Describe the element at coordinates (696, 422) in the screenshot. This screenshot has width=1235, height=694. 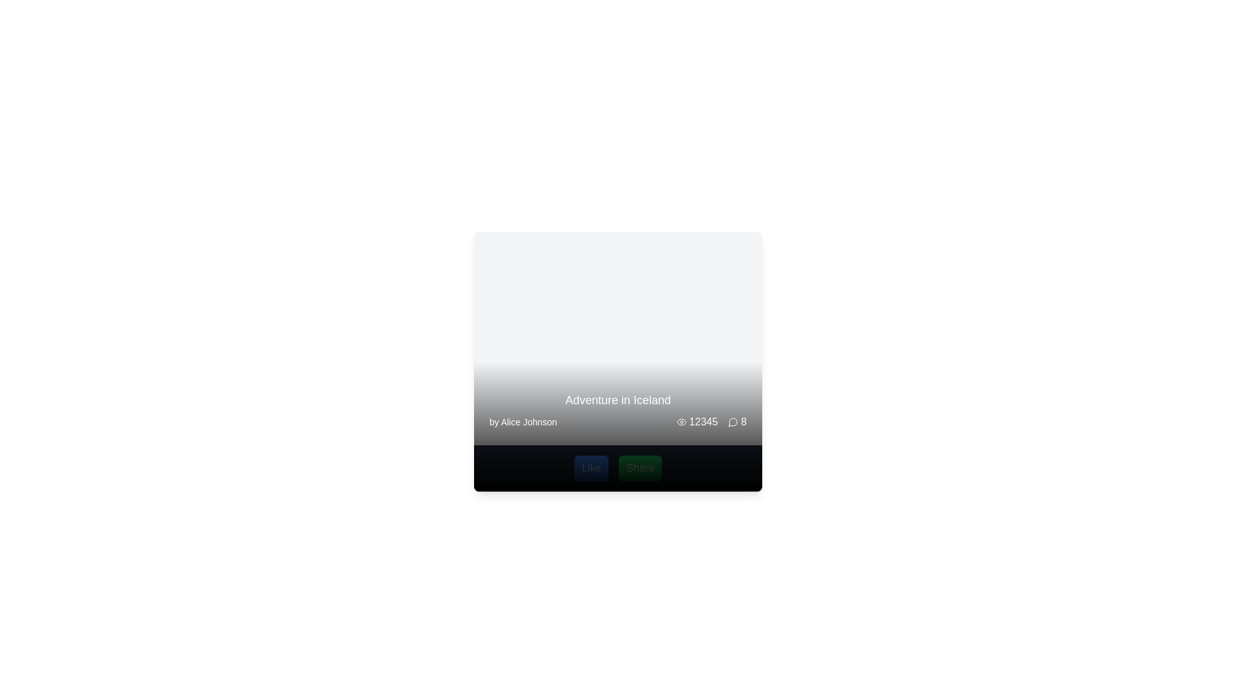
I see `the Information Display element that shows the number of views or instances, positioned to the left of a similar structure displaying the number '8' and a speech bubble icon` at that location.